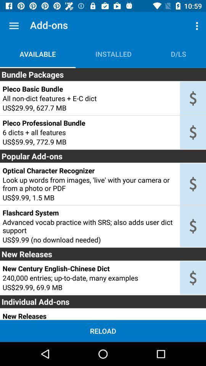 The width and height of the screenshot is (206, 366). Describe the element at coordinates (89, 170) in the screenshot. I see `the icon below popular add-ons item` at that location.